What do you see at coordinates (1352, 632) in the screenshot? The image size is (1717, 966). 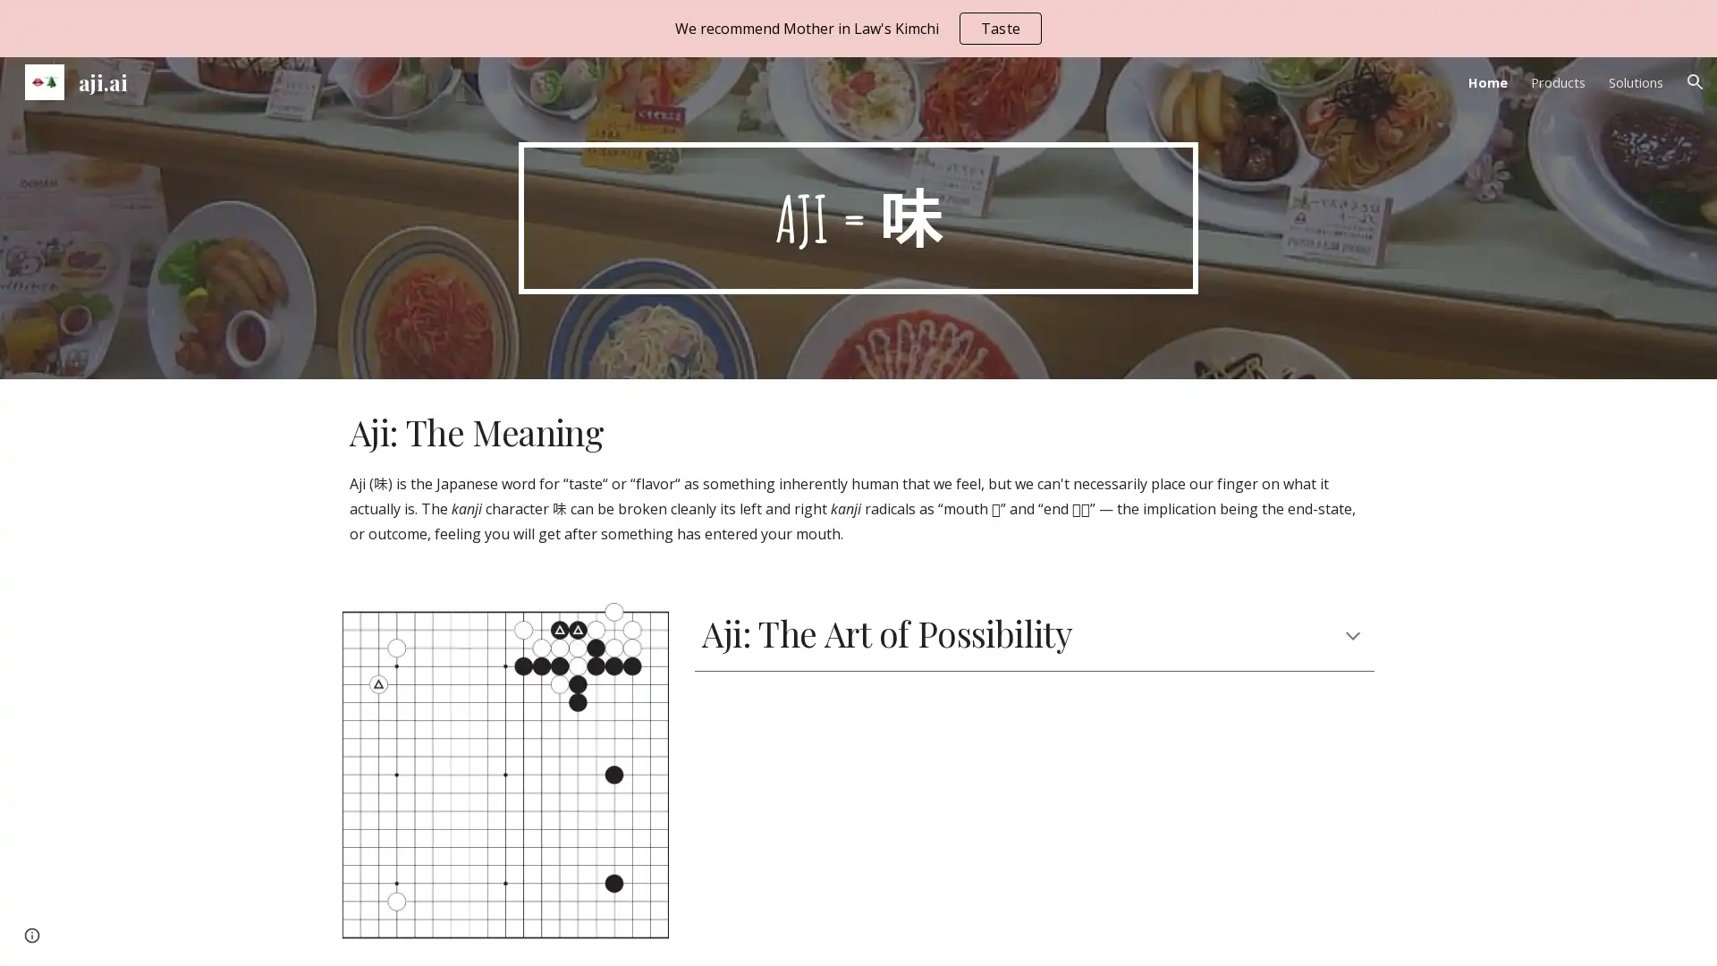 I see `Expand` at bounding box center [1352, 632].